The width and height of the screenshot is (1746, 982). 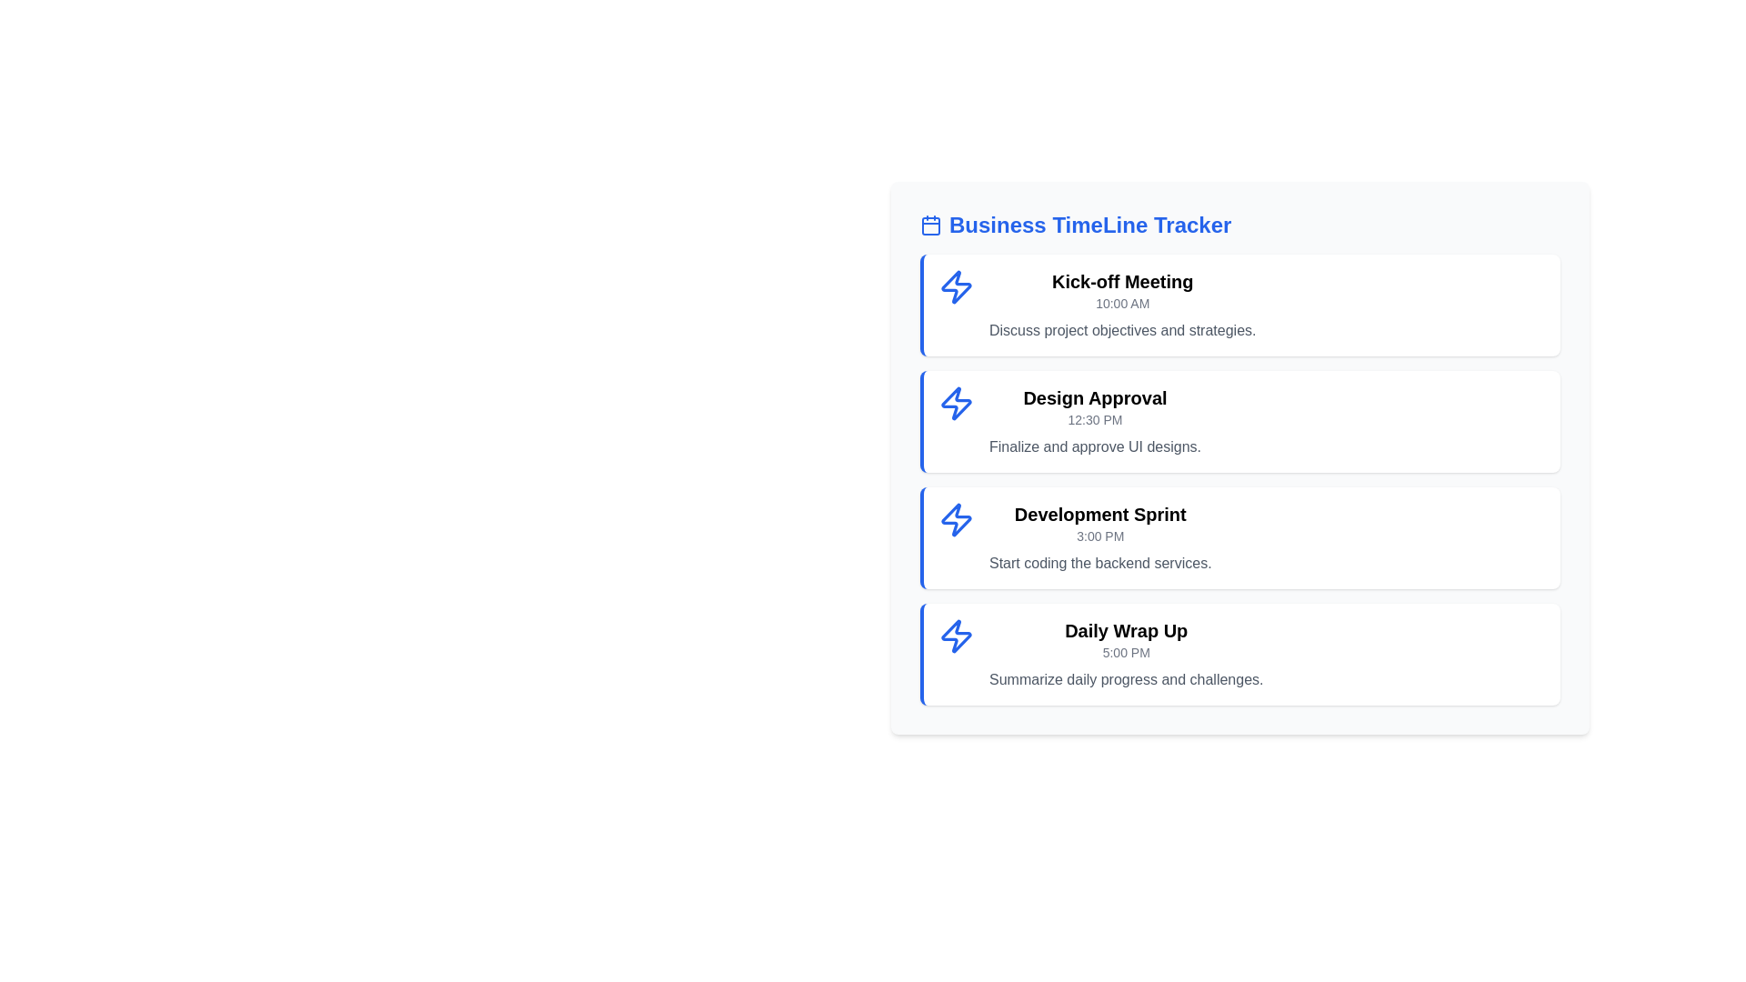 What do you see at coordinates (955, 286) in the screenshot?
I see `the 'Kick-off Meeting' icon located within the first entry of the list, which is to the left of the 'Kick-off Meeting' label in the 'Business TimeLine Tracker' card` at bounding box center [955, 286].